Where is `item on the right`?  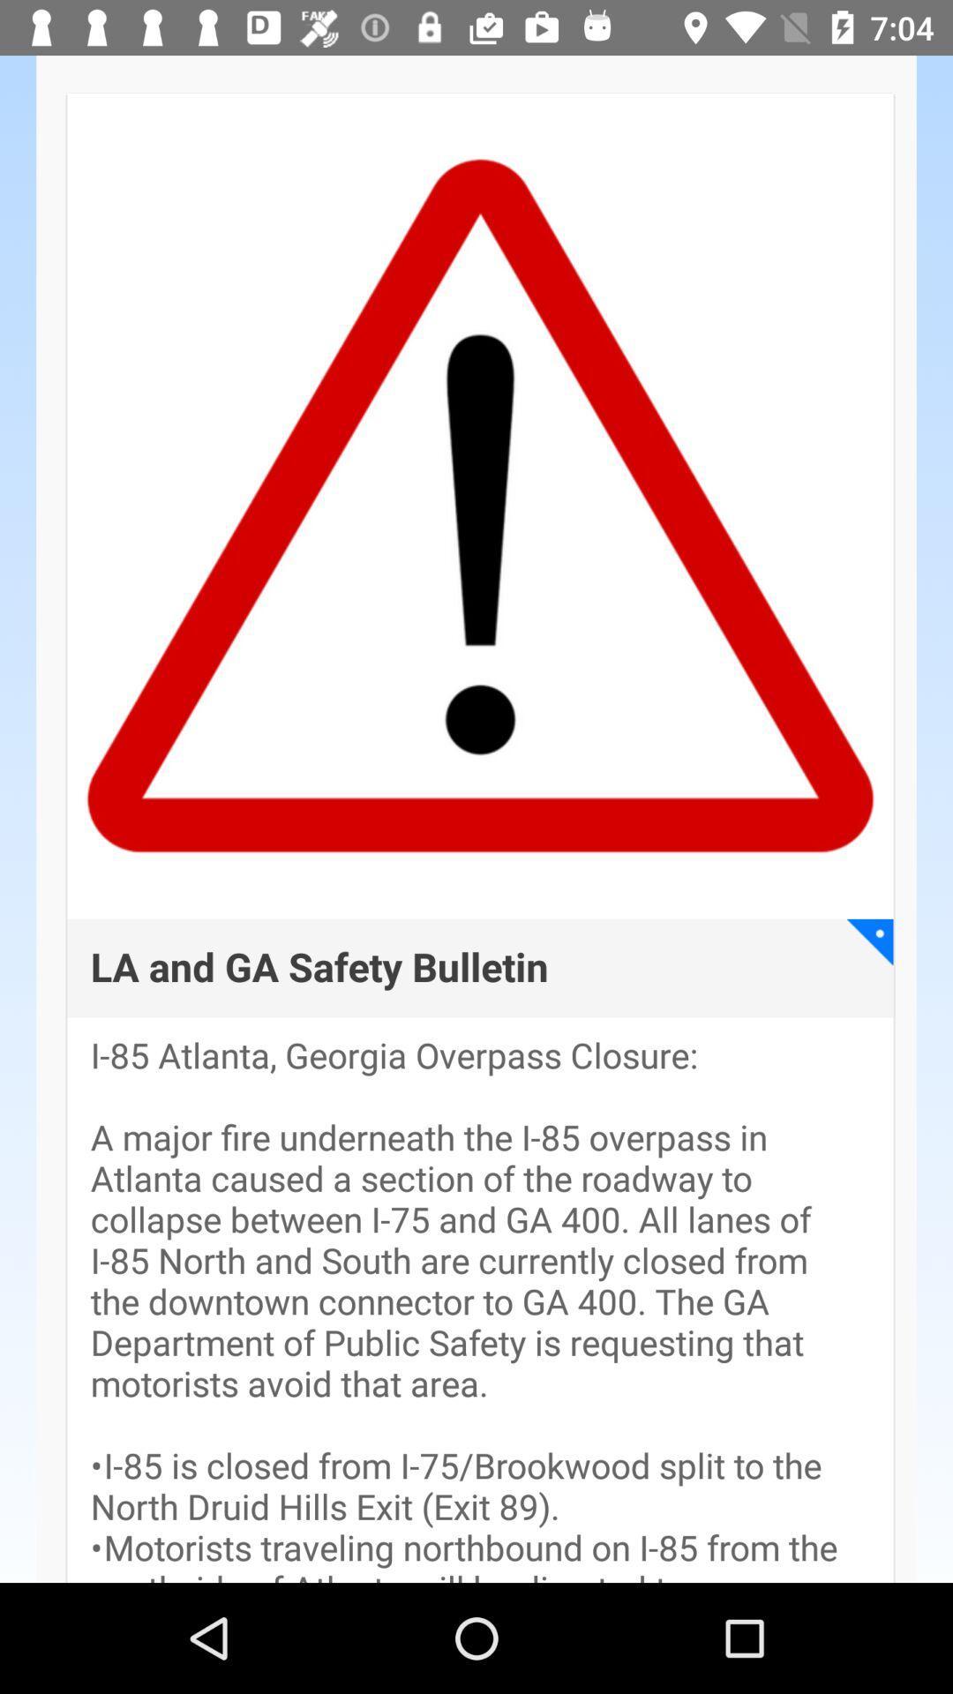 item on the right is located at coordinates (869, 941).